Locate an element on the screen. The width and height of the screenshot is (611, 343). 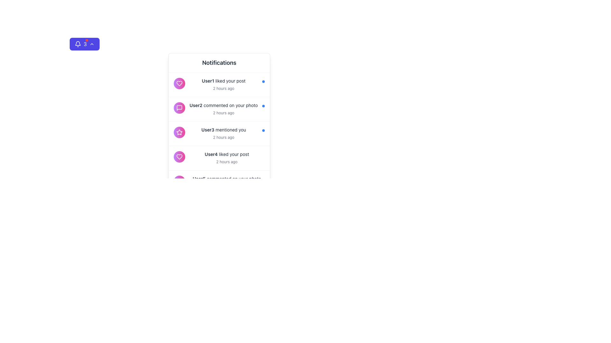
the second notification entry in the vertically stacked list is located at coordinates (223, 109).